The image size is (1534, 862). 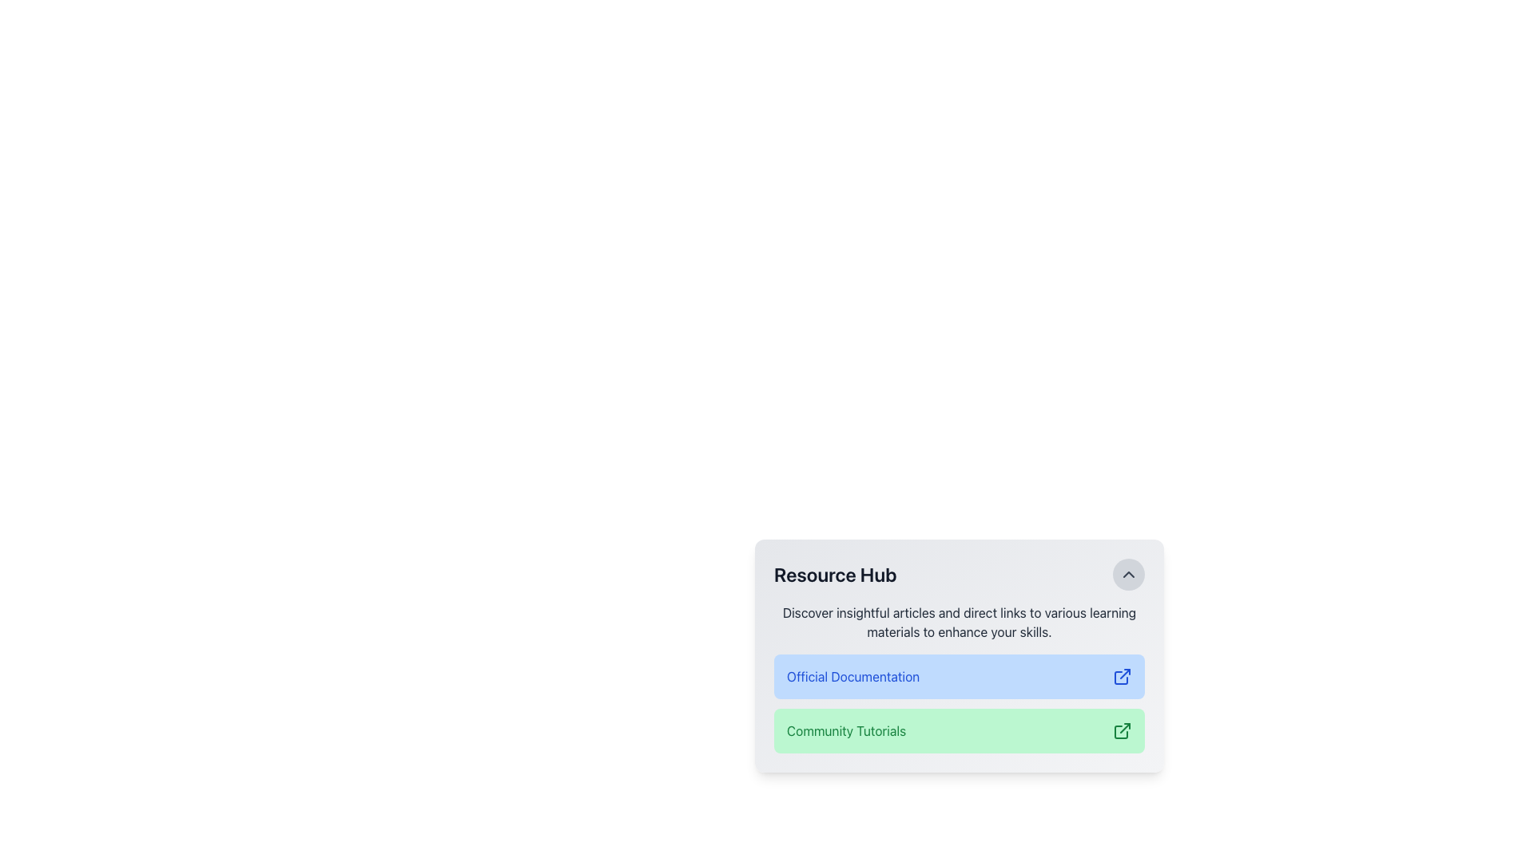 What do you see at coordinates (1122, 730) in the screenshot?
I see `the external link icon, which is a compact icon resembling an arrow extending out of a box with a green outline, located to the far right of the 'Community Tutorials' section in the 'Resource Hub'` at bounding box center [1122, 730].